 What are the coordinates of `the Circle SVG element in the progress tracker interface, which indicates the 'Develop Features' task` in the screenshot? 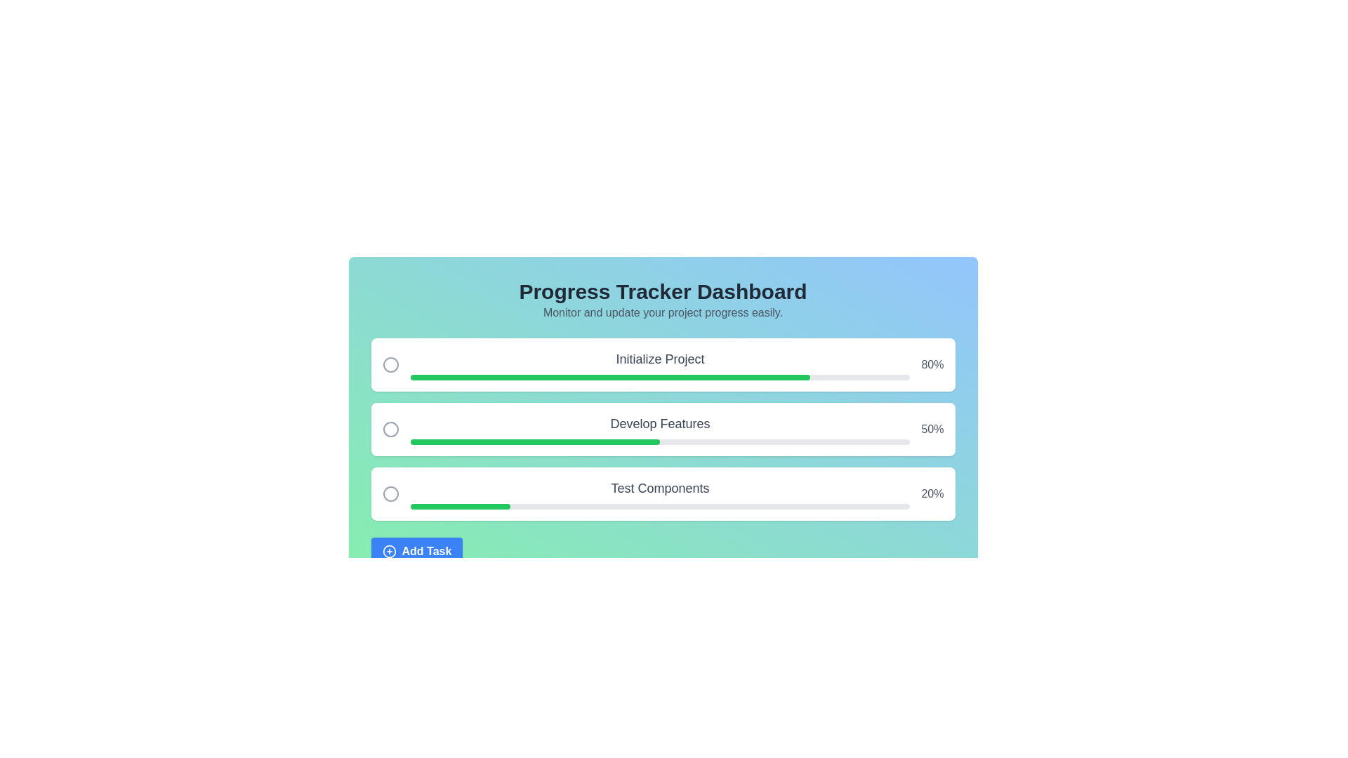 It's located at (390, 429).